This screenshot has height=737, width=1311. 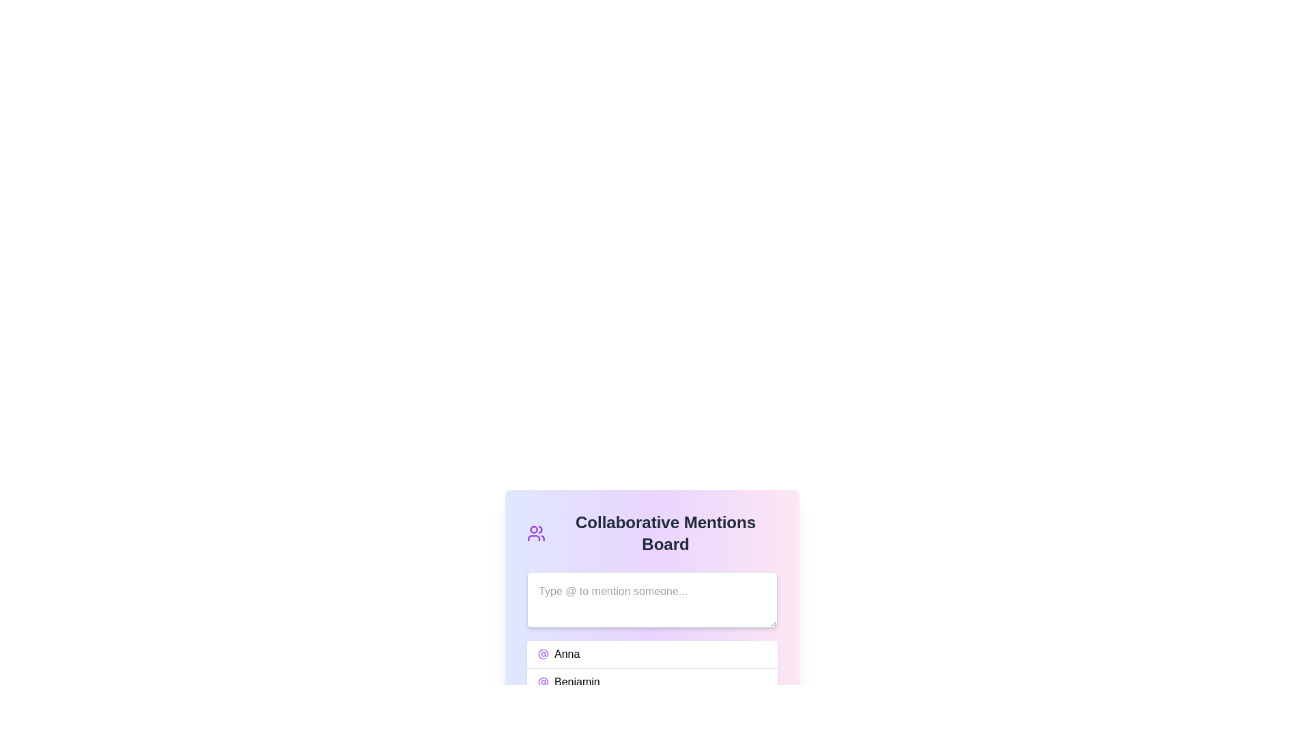 What do you see at coordinates (651, 533) in the screenshot?
I see `Header text that identifies the collaborative mentions section located at the top of the form-like area above the text input field` at bounding box center [651, 533].